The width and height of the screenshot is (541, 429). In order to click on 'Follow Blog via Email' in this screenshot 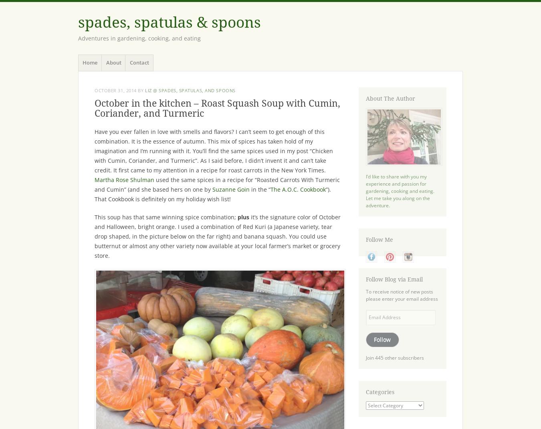, I will do `click(365, 279)`.